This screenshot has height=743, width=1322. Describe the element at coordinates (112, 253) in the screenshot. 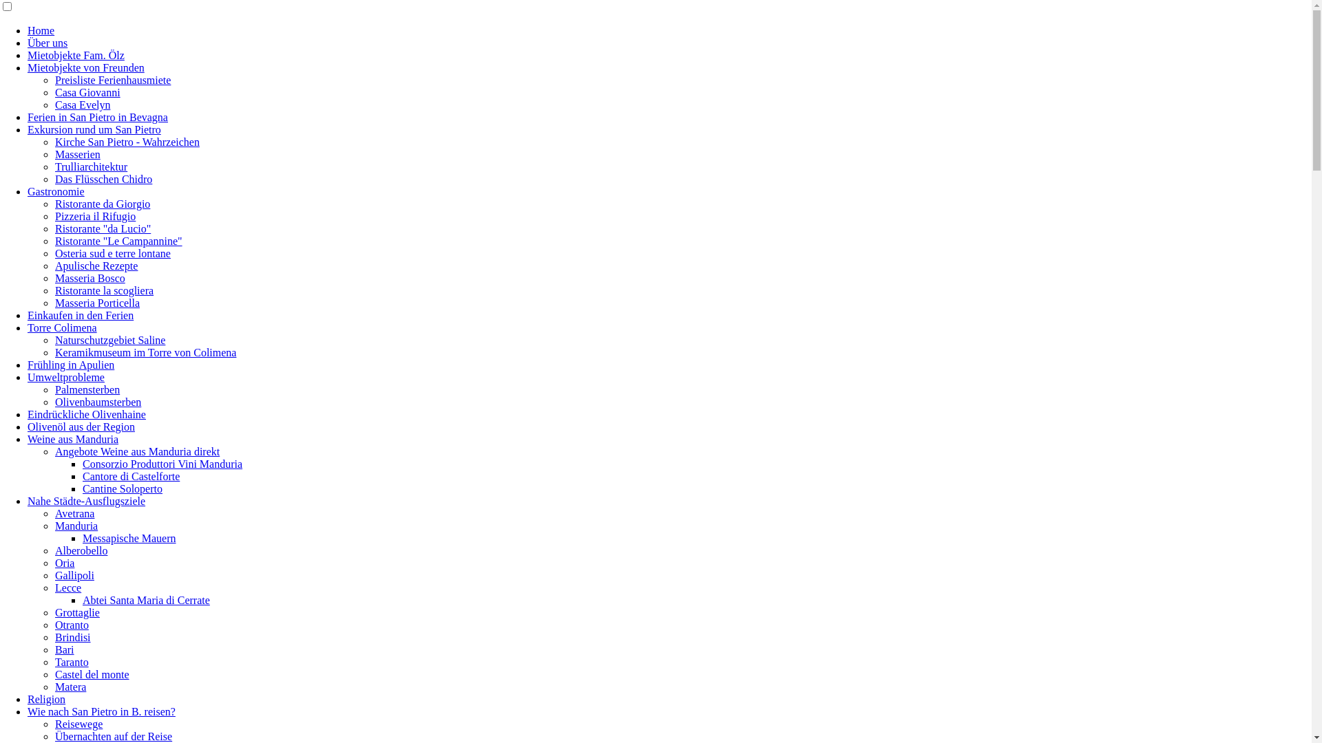

I see `'Osteria sud e terre lontane'` at that location.